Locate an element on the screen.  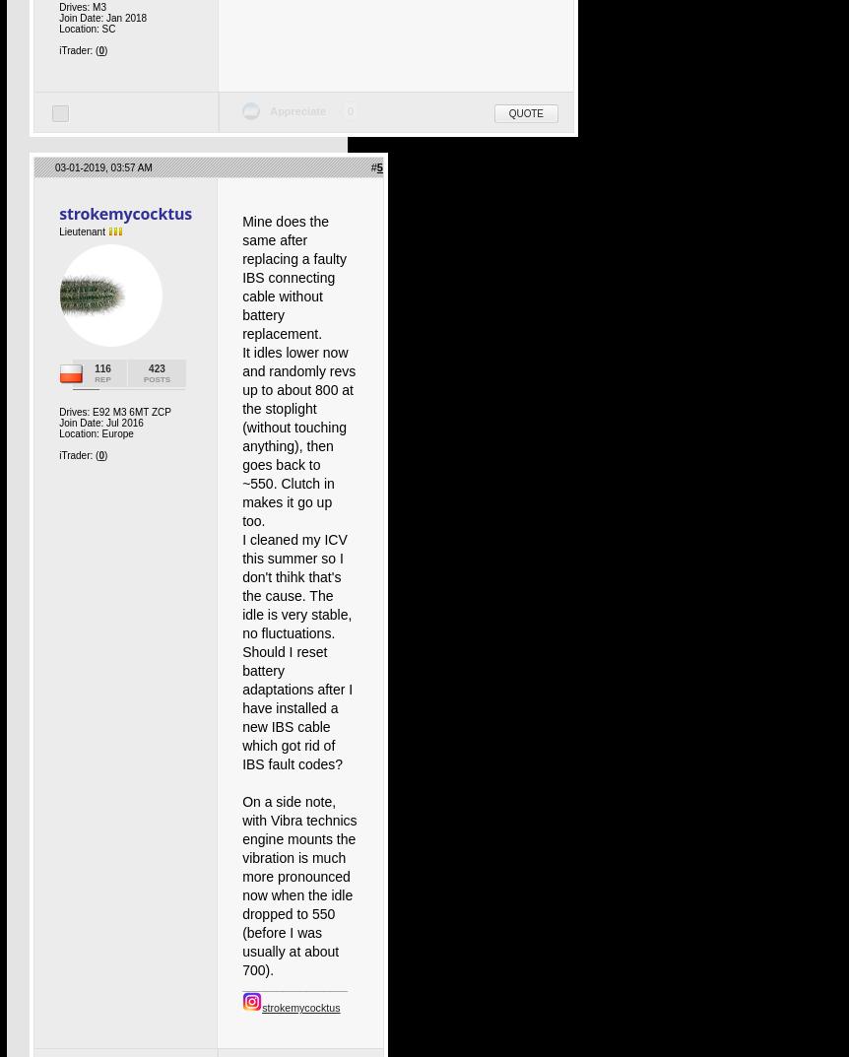
'Should I reset battery adaptations after I have installed a new IBS cable which got rid of IBS fault codes?' is located at coordinates (241, 707).